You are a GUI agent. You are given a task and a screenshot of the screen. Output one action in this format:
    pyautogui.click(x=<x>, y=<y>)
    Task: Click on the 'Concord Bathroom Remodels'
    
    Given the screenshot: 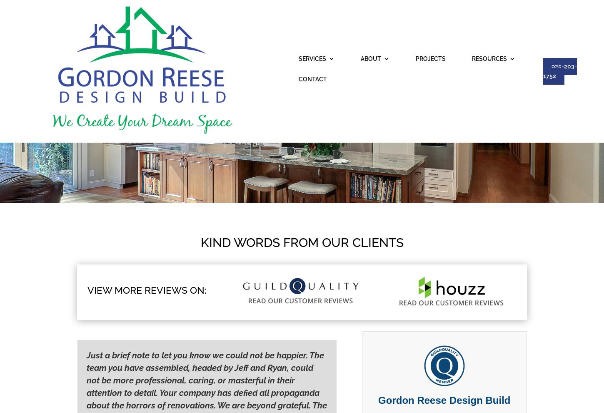 What is the action you would take?
    pyautogui.click(x=314, y=194)
    